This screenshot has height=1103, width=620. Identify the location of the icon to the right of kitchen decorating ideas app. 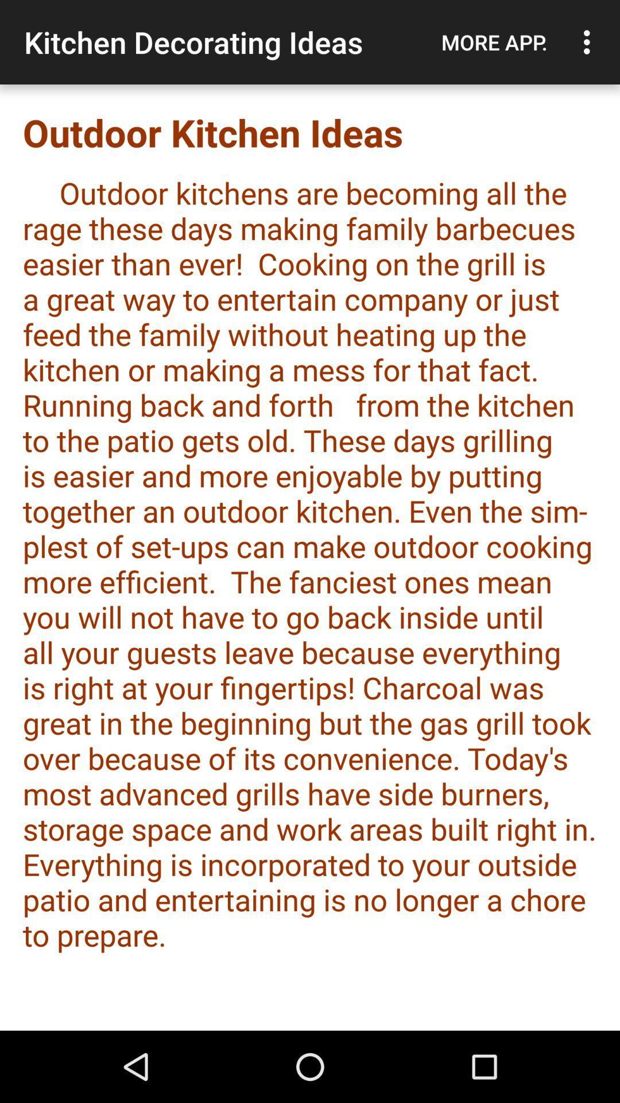
(494, 42).